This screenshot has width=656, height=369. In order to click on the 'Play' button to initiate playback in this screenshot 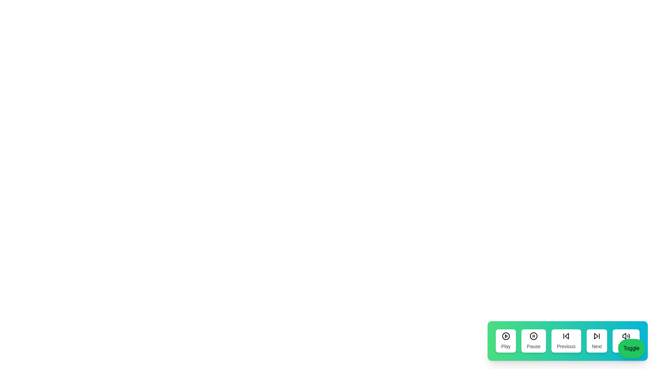, I will do `click(506, 341)`.